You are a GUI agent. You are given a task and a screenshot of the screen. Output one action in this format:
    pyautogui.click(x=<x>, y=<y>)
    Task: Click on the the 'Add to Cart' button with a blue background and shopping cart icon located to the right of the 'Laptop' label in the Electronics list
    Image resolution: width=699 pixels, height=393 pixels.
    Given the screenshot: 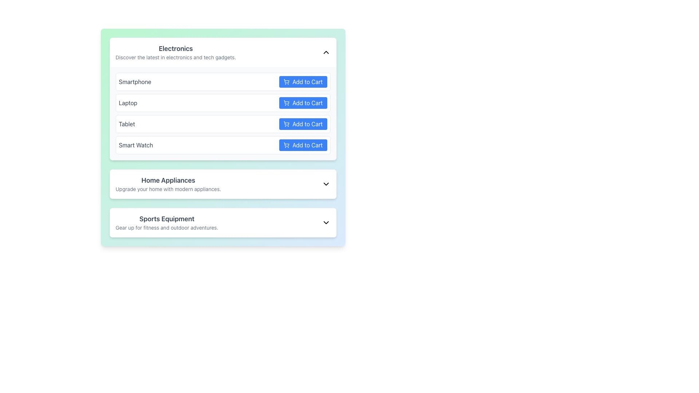 What is the action you would take?
    pyautogui.click(x=303, y=103)
    